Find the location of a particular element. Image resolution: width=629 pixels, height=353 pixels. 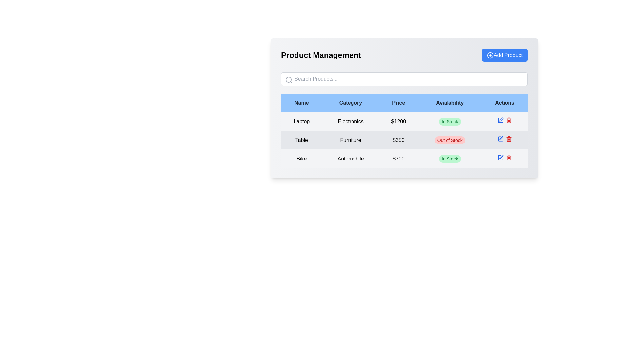

the Header text that serves as a descriptive label for the product management section at the top of the page is located at coordinates (321, 55).